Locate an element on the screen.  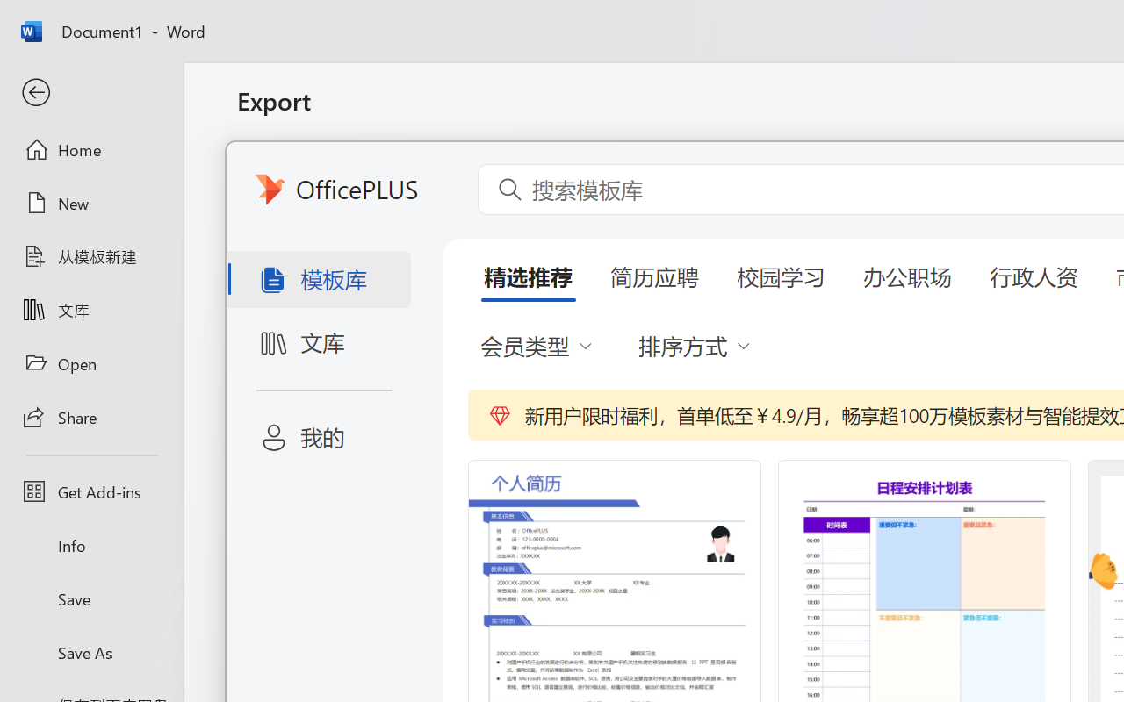
'Get Add-ins' is located at coordinates (90, 491).